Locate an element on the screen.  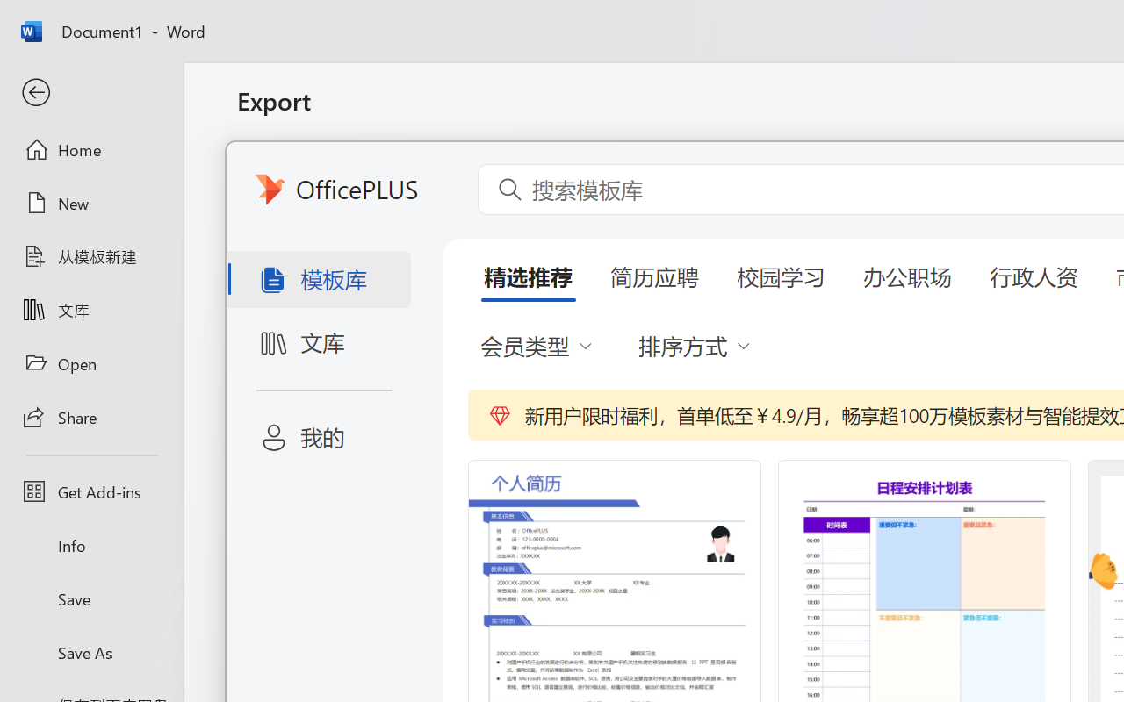
'Get Add-ins' is located at coordinates (90, 491).